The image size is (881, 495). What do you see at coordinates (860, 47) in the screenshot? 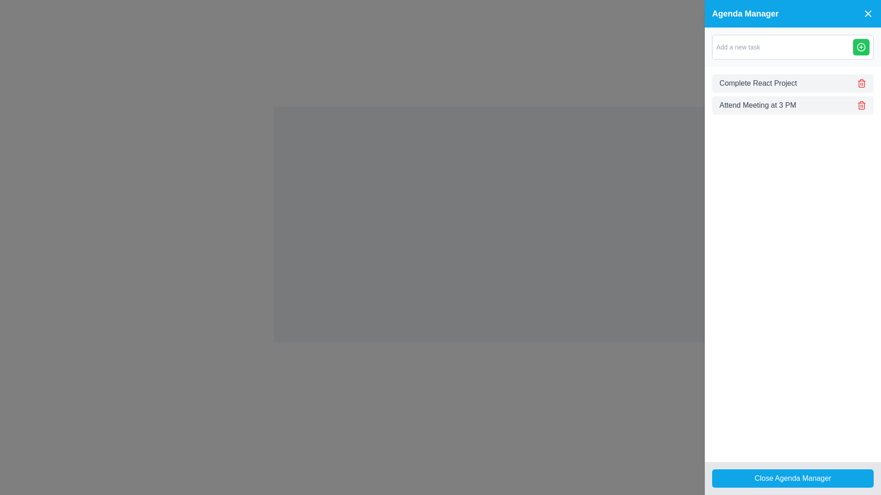
I see `the circular graphical icon, which is the leftmost and most central component of a grouped icon set located at the top-right section of the interface` at bounding box center [860, 47].